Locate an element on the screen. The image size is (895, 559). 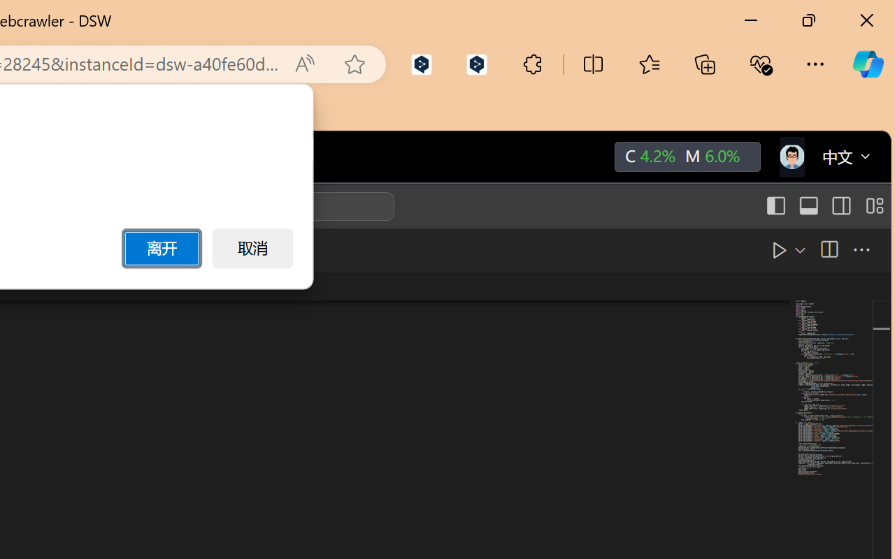
'Toggle Panel (Ctrl+J)' is located at coordinates (808, 206).